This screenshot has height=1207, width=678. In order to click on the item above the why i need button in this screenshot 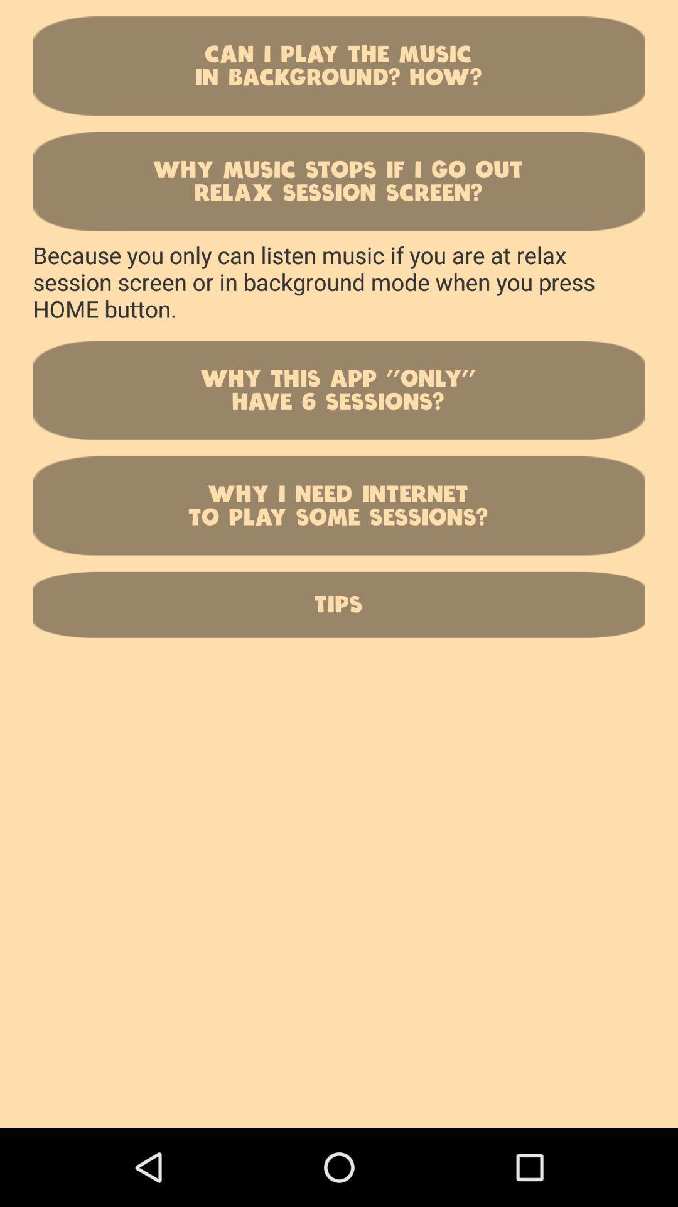, I will do `click(339, 389)`.